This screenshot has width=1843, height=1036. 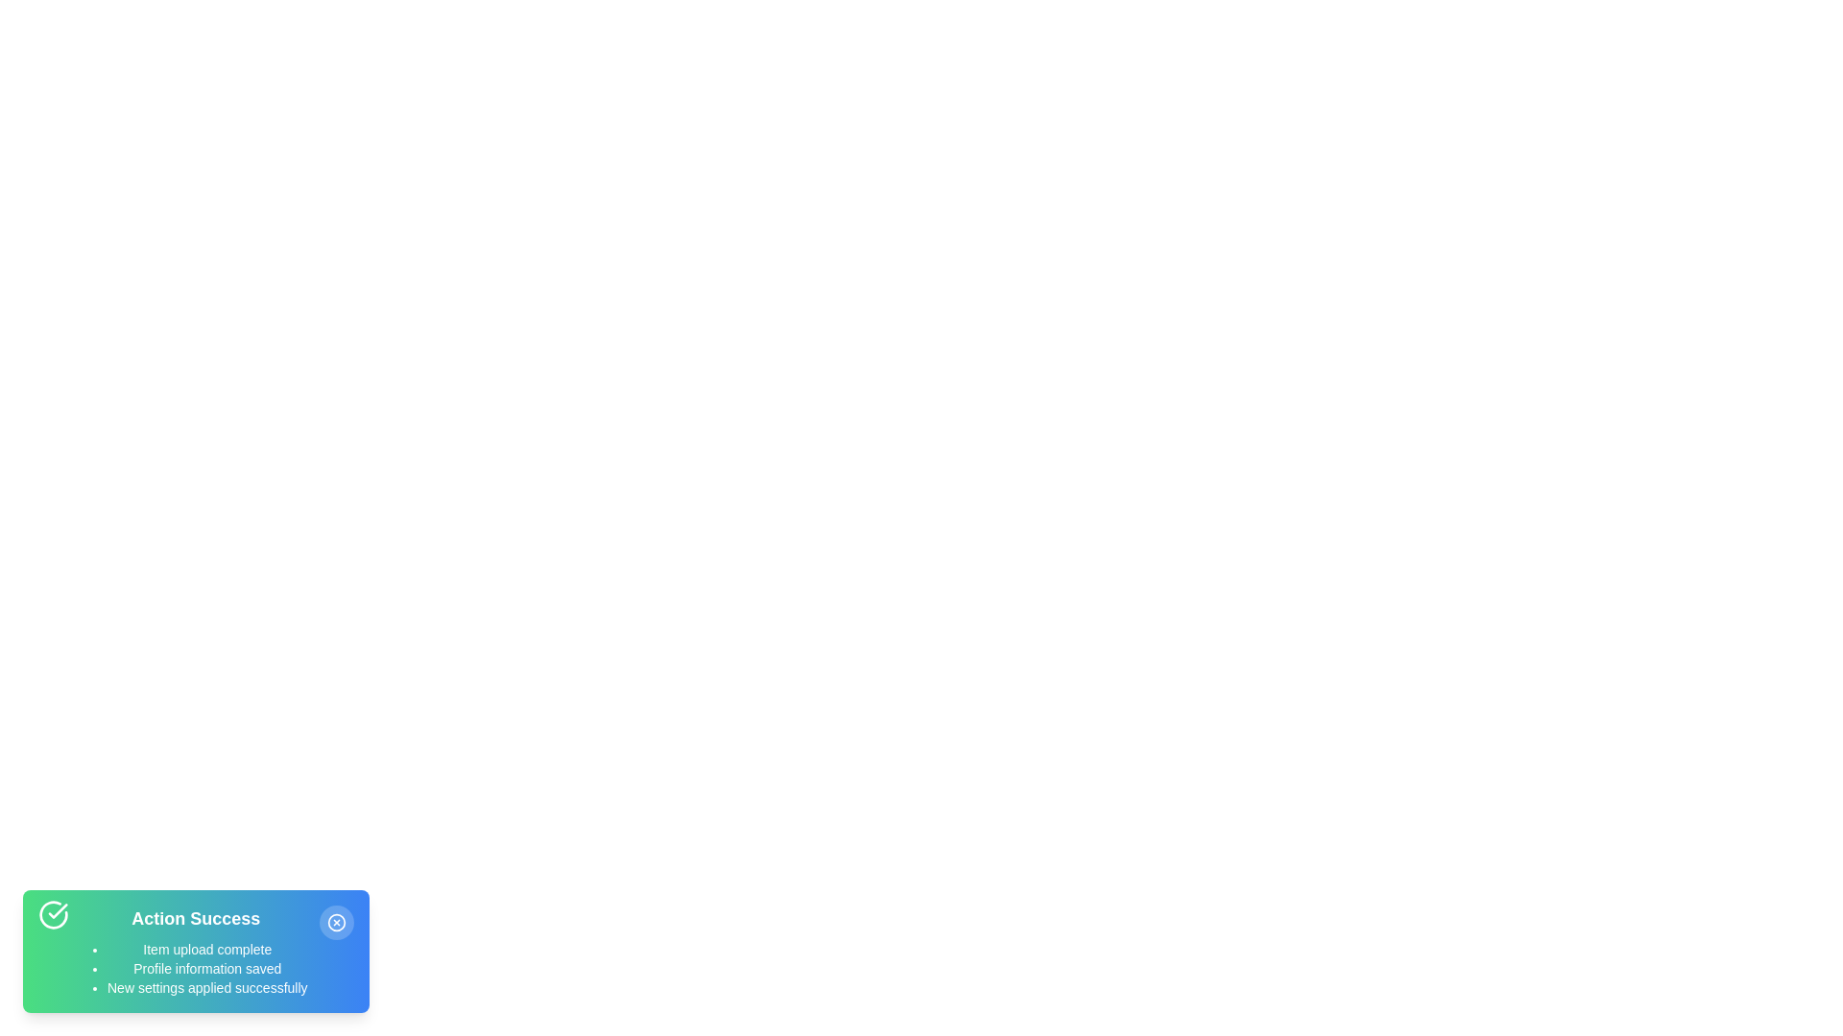 What do you see at coordinates (106, 938) in the screenshot?
I see `the text from the message list and copy it to the clipboard` at bounding box center [106, 938].